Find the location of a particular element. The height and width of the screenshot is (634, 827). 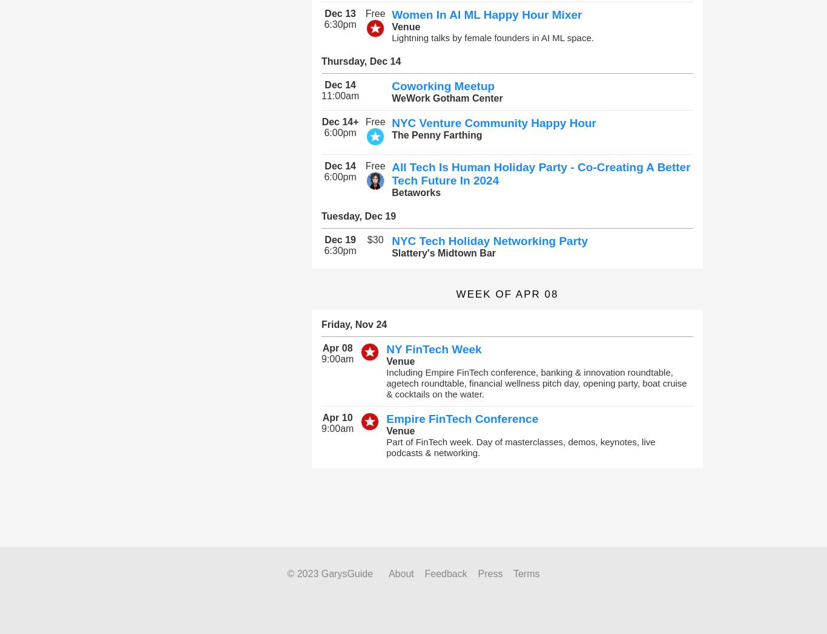

'Apr 10' is located at coordinates (337, 417).